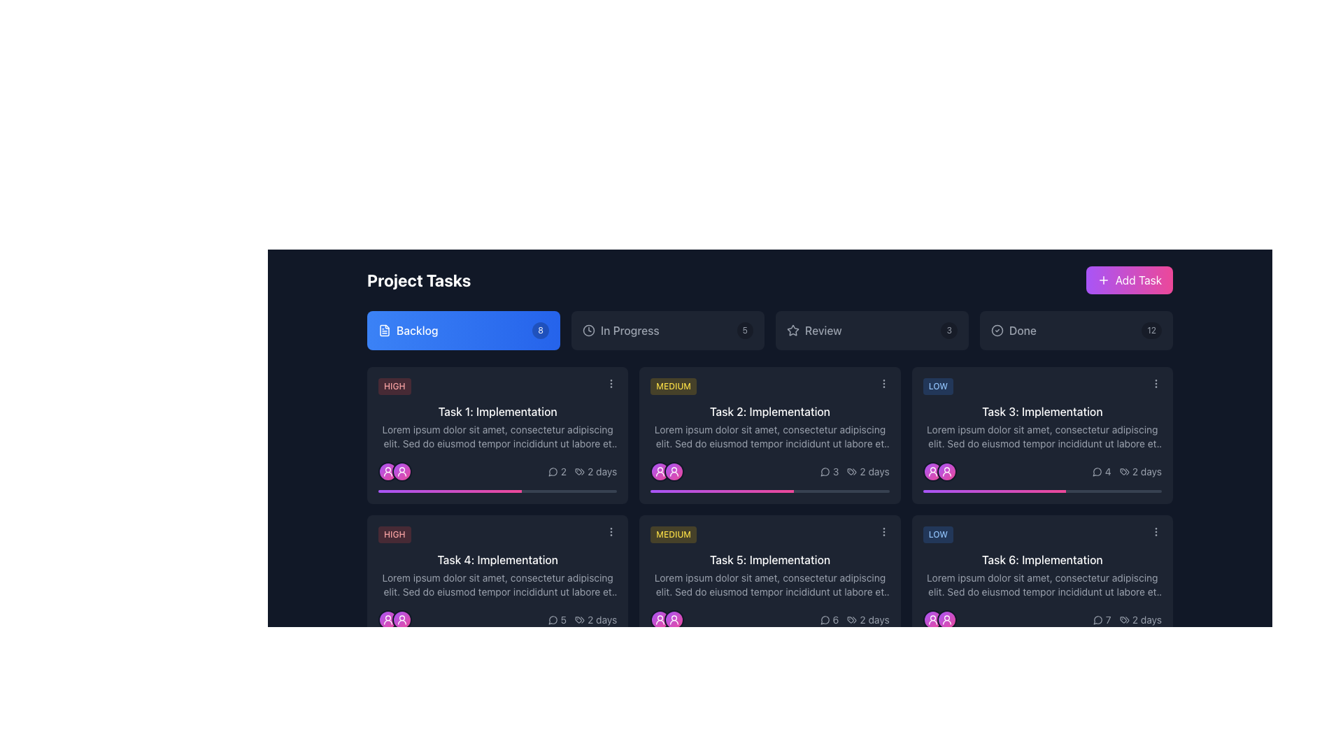  Describe the element at coordinates (1151, 331) in the screenshot. I see `the count indicator displaying the number of completed tasks (12) in the top-right corner of the 'Done' section, which is styled as a clickable panel` at that location.